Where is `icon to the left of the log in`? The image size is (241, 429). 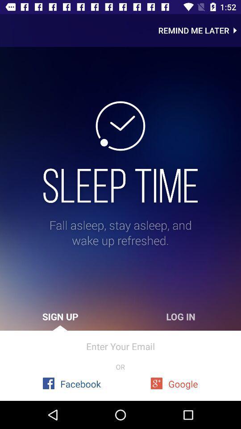 icon to the left of the log in is located at coordinates (60, 316).